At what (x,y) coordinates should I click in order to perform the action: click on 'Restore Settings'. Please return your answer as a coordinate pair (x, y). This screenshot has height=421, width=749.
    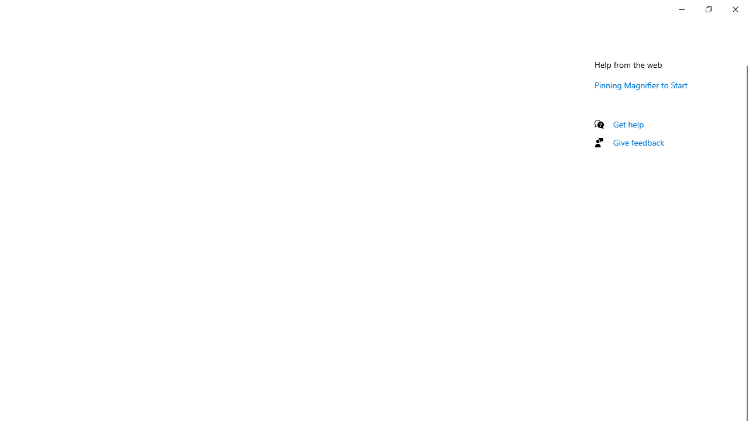
    Looking at the image, I should click on (707, 9).